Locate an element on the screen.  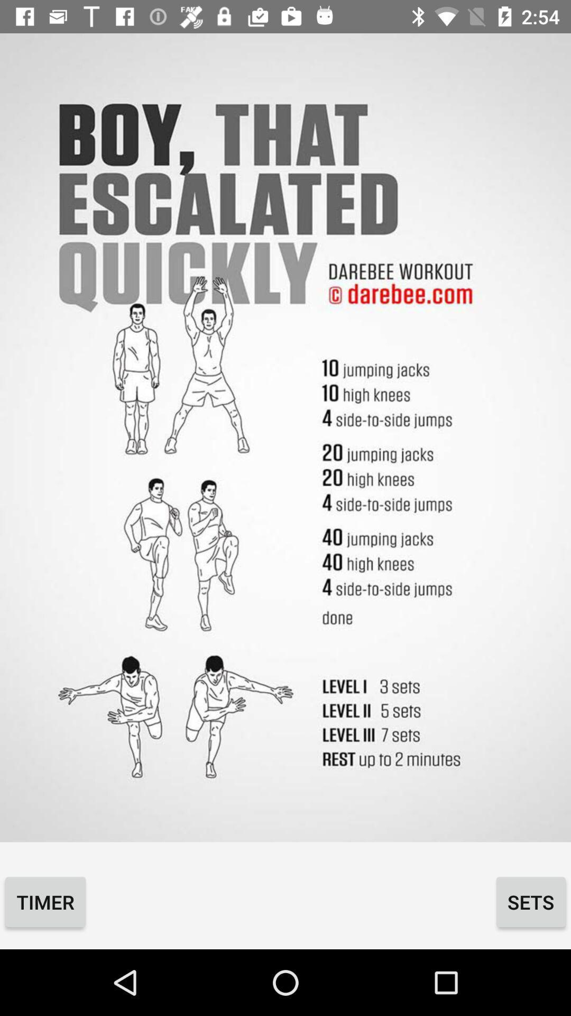
the sets icon is located at coordinates (531, 901).